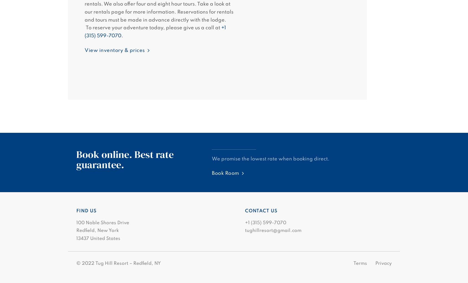 The image size is (468, 283). I want to click on 'Terms', so click(360, 263).